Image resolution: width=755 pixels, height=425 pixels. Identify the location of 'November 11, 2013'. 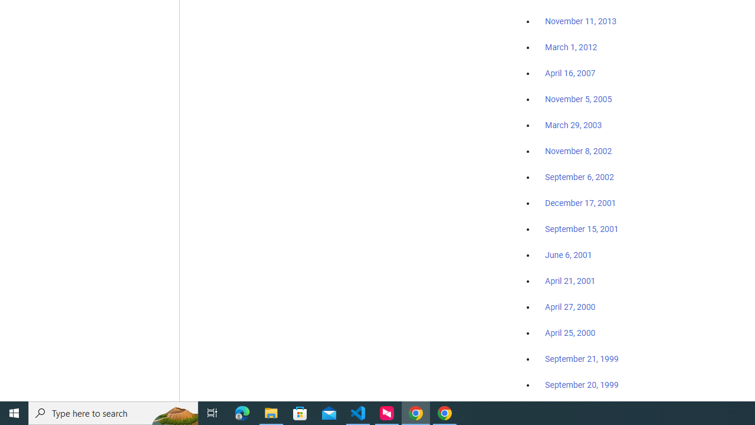
(580, 22).